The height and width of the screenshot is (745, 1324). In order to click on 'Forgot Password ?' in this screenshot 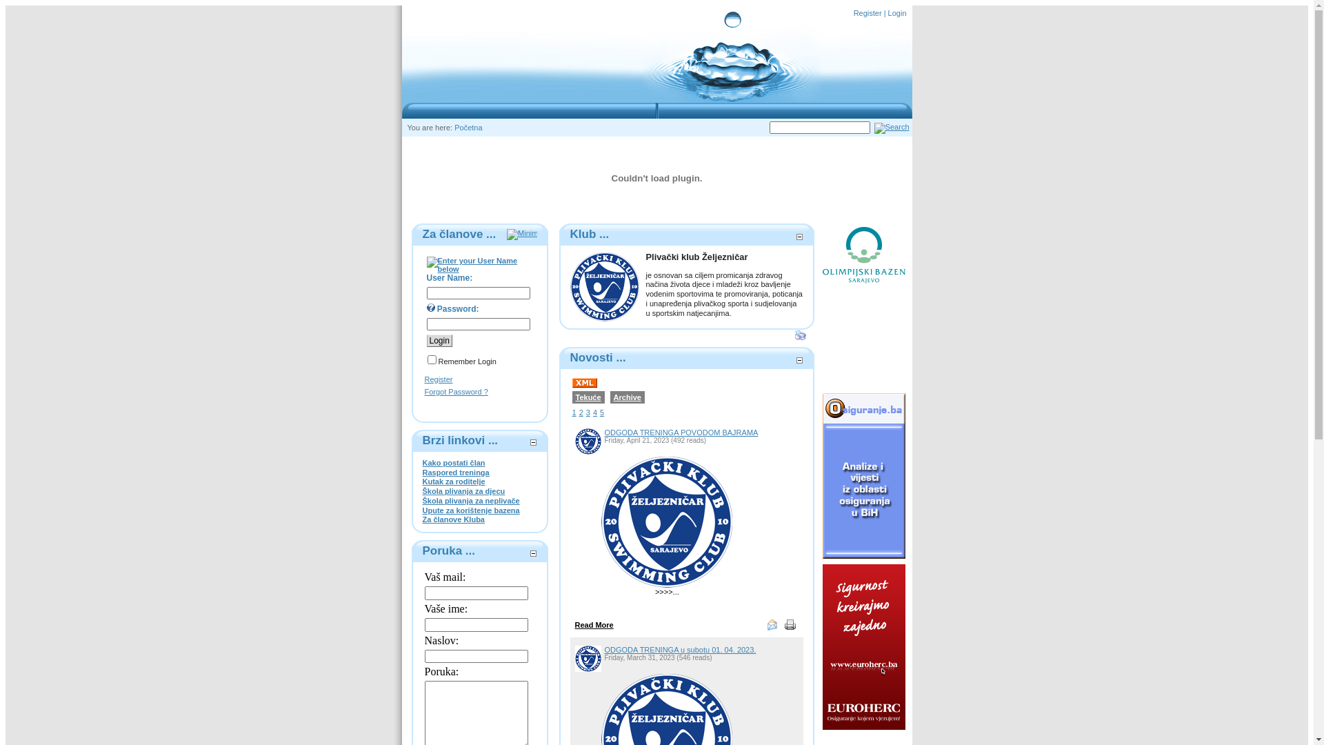, I will do `click(457, 391)`.